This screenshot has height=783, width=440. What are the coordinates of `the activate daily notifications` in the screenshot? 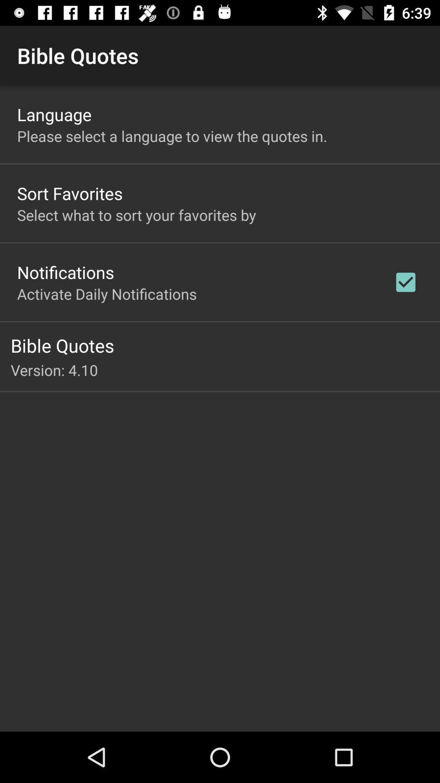 It's located at (106, 294).